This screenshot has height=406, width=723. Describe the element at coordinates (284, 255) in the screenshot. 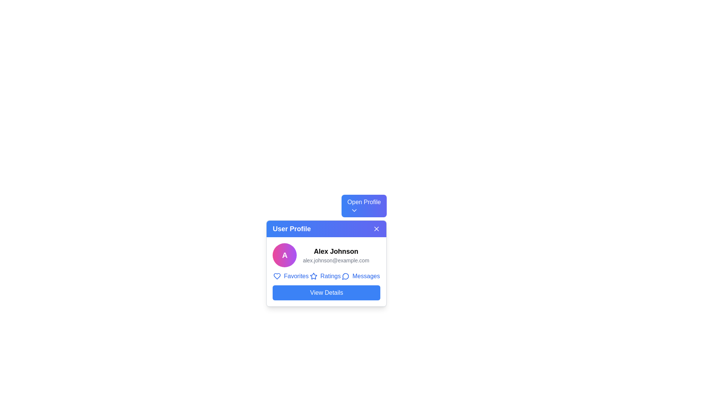

I see `the circular avatar icon with a gradient color transitioning from pink to purple, featuring a bold white letter 'A' in the center, located at the top-left corner of the user profile card` at that location.